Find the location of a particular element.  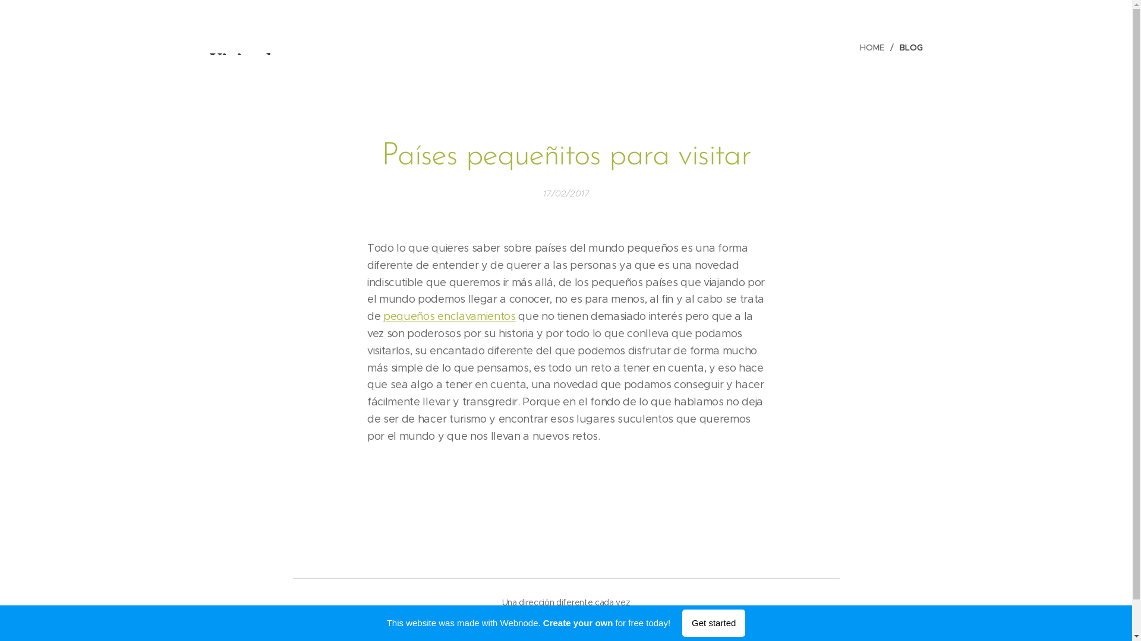

'BLOG' is located at coordinates (907, 47).